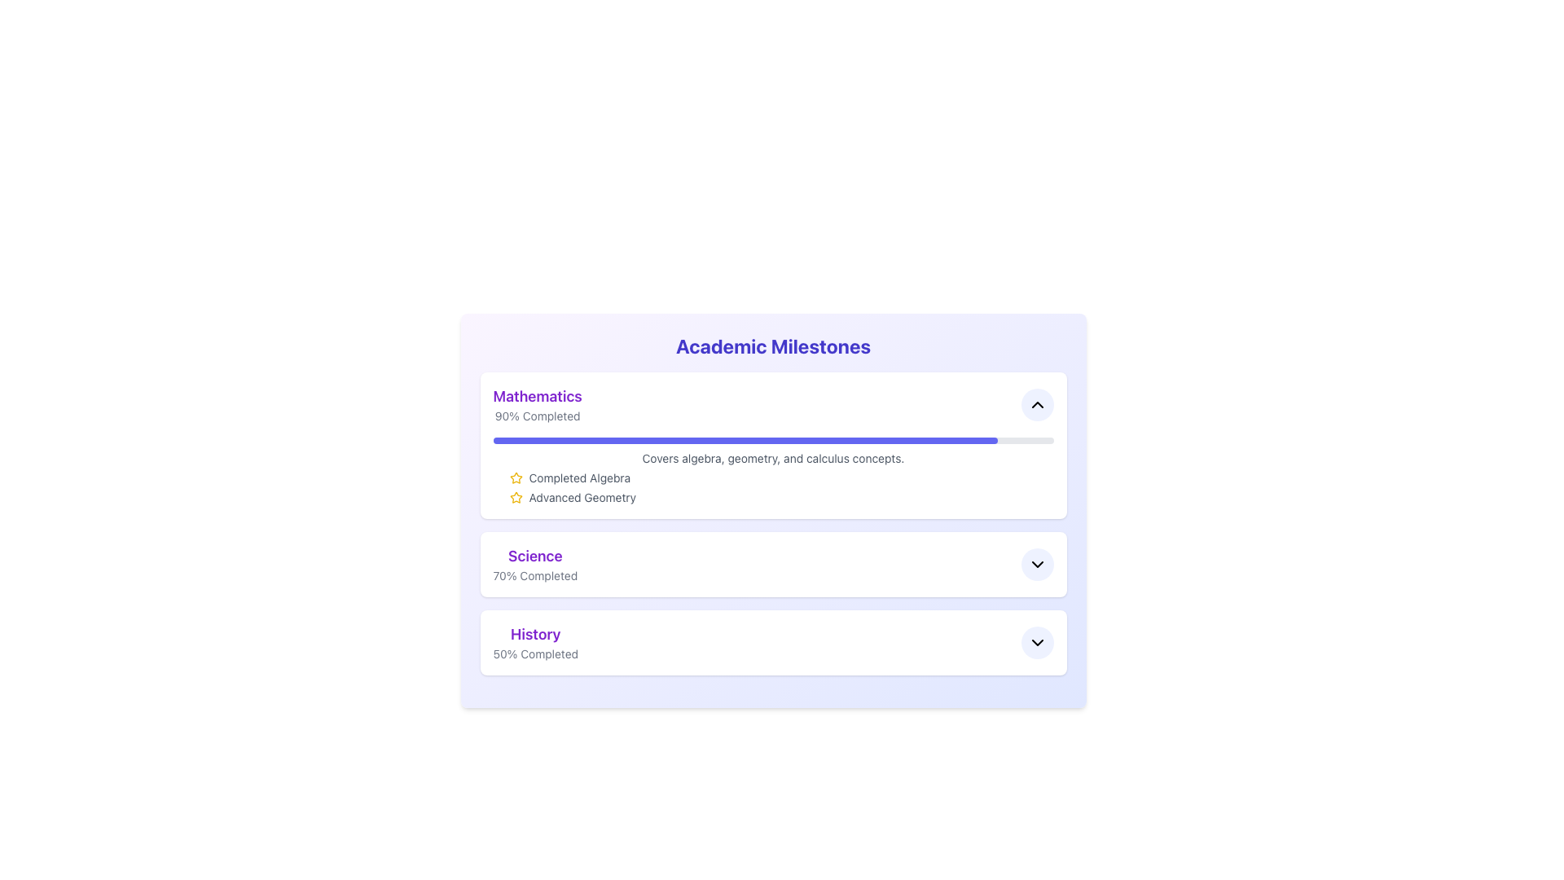 The height and width of the screenshot is (880, 1564). I want to click on the 'History' section title label located on the left side of the 'Academic Milestones' section, positioned above the '50% Completed' label, so click(535, 634).